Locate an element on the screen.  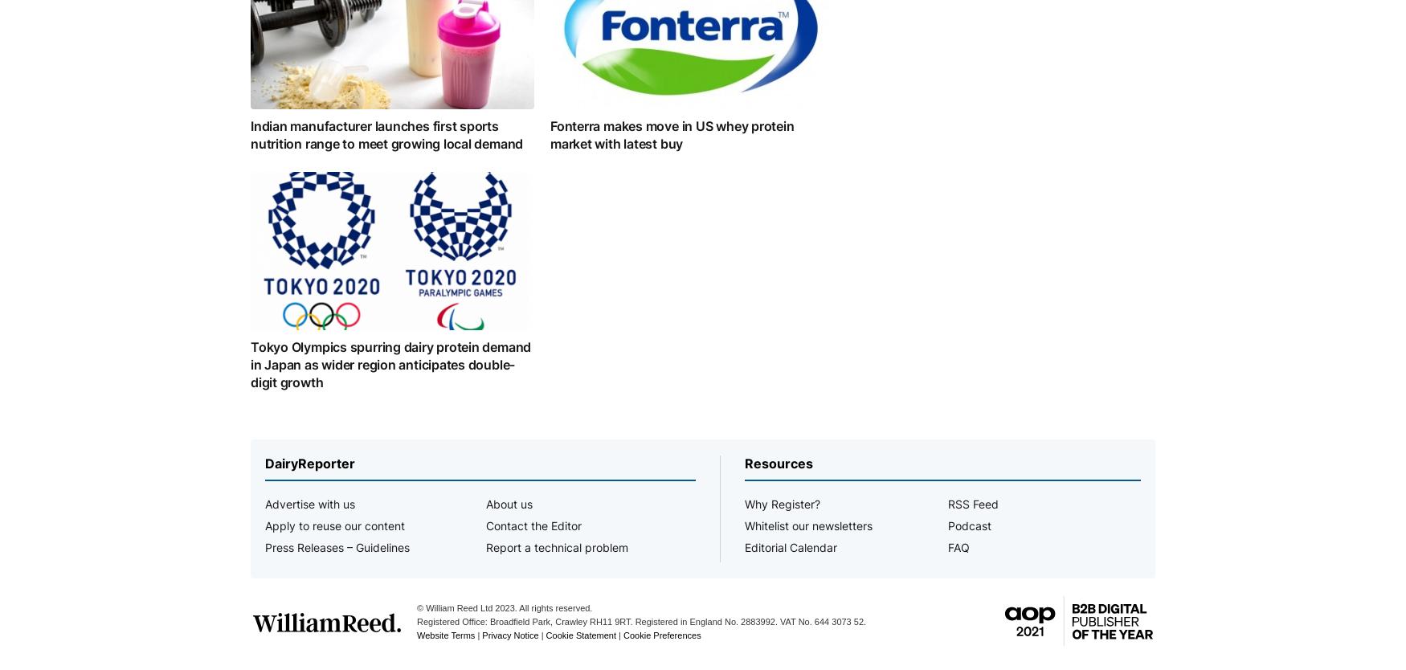
'Indian manufacturer launches first sports nutrition range to meet growing local demand' is located at coordinates (386, 133).